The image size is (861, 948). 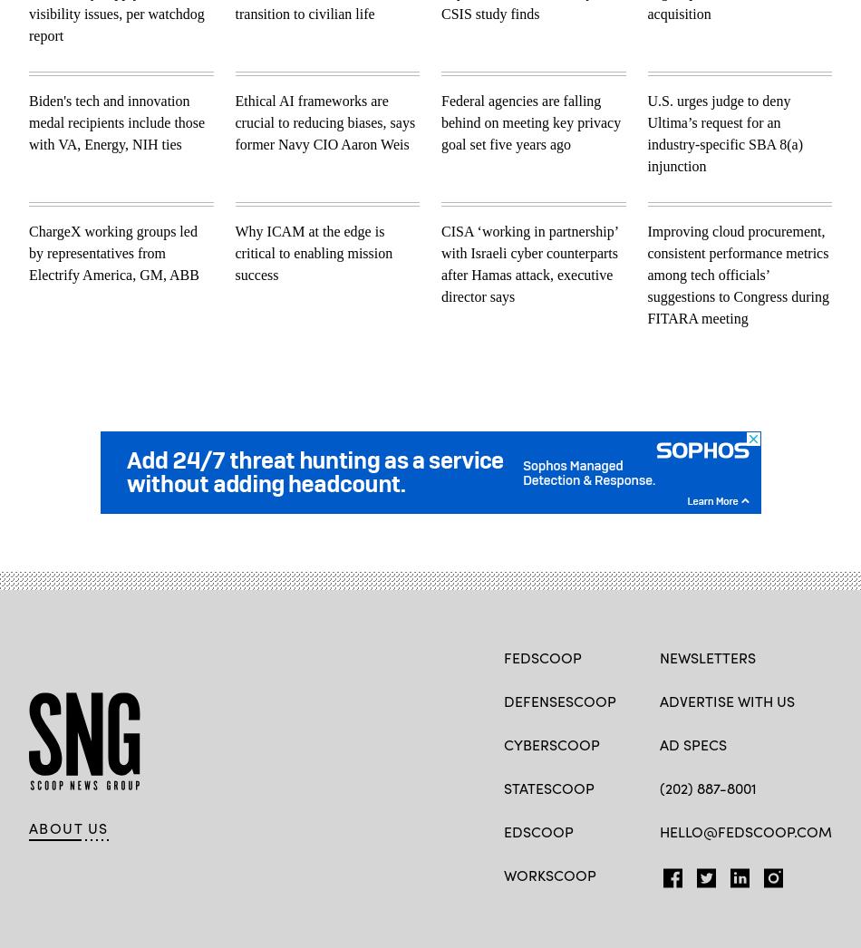 What do you see at coordinates (312, 252) in the screenshot?
I see `'Why ICAM at the edge is critical to enabling mission success'` at bounding box center [312, 252].